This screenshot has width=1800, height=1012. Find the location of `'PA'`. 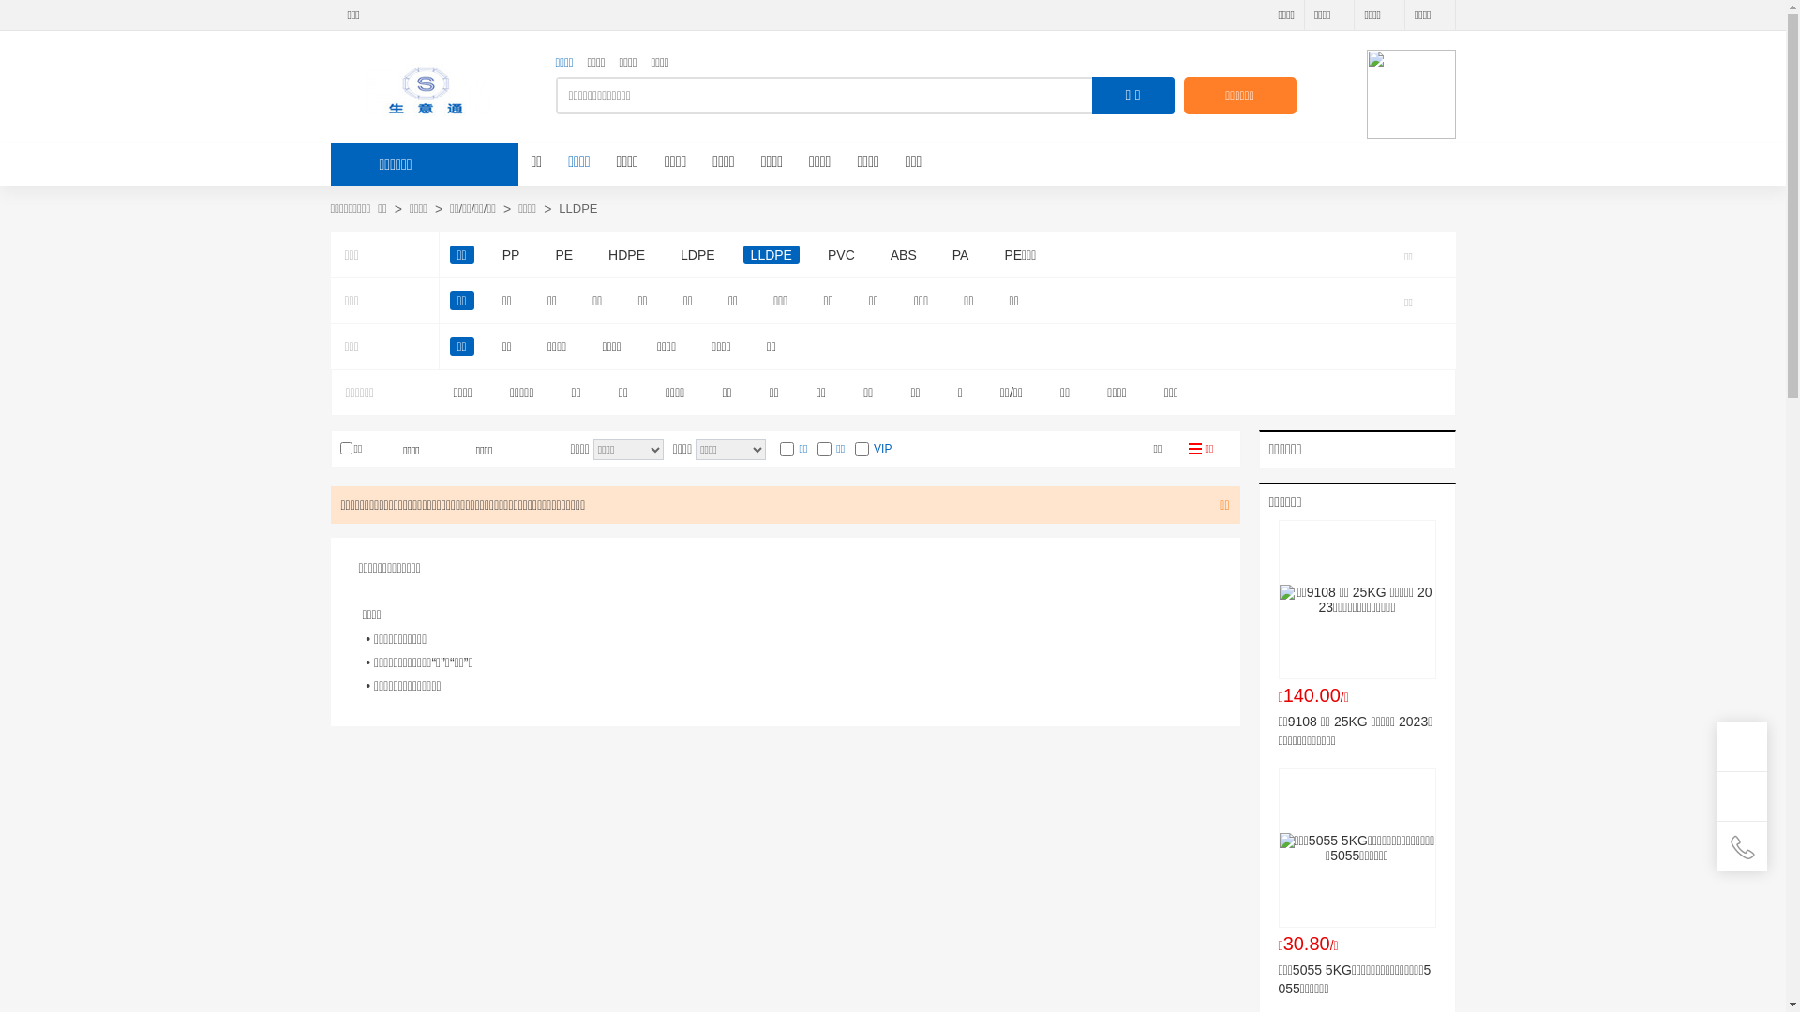

'PA' is located at coordinates (945, 255).